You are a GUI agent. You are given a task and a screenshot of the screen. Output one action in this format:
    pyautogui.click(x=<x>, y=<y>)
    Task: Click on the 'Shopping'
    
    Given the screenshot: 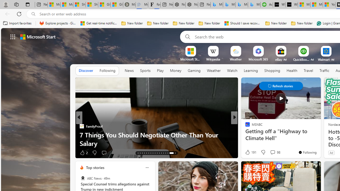 What is the action you would take?
    pyautogui.click(x=272, y=70)
    